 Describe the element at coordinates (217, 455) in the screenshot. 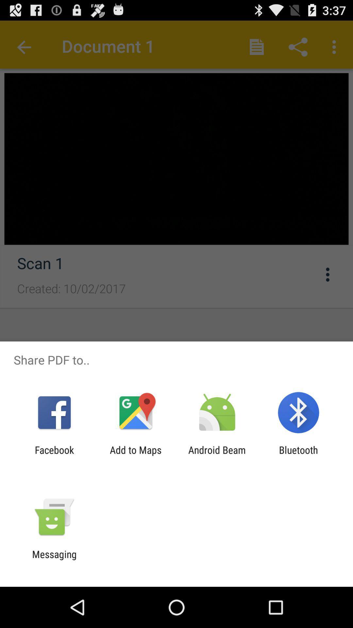

I see `the app to the right of add to maps` at that location.